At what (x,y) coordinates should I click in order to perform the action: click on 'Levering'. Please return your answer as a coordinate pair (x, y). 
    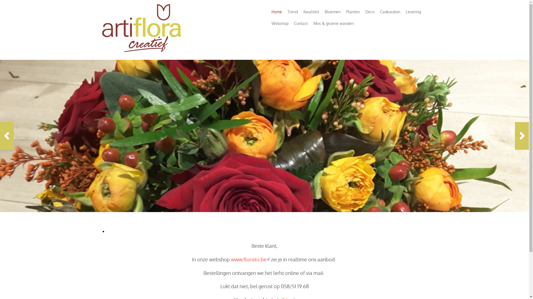
    Looking at the image, I should click on (413, 12).